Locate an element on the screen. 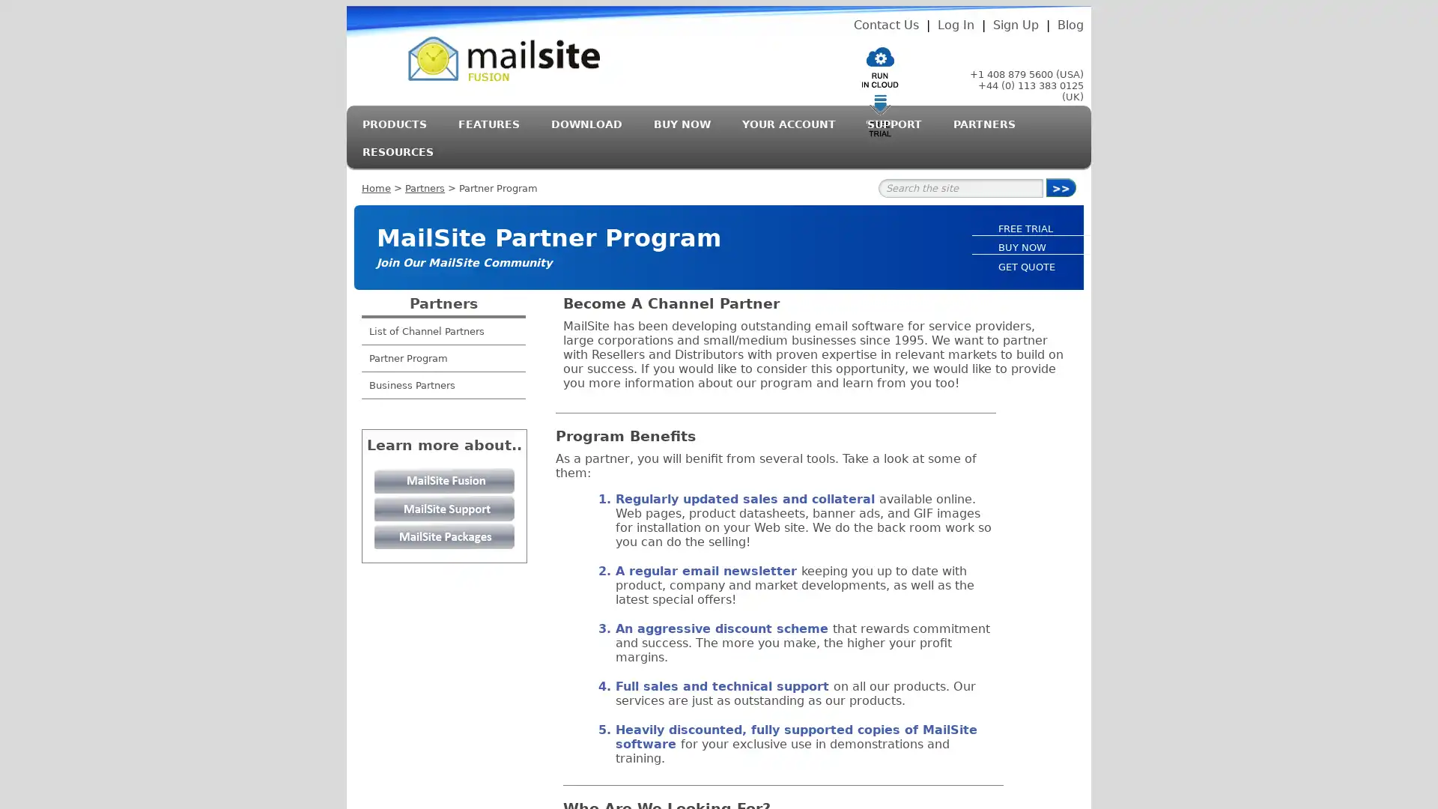  >> is located at coordinates (1060, 187).